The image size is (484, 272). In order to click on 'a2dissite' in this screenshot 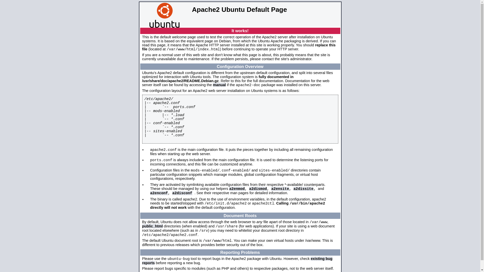, I will do `click(303, 189)`.